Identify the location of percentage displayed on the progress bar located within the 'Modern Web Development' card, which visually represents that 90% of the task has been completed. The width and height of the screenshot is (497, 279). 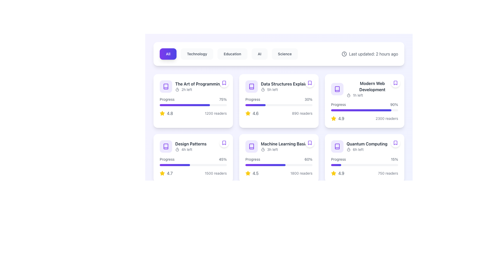
(364, 106).